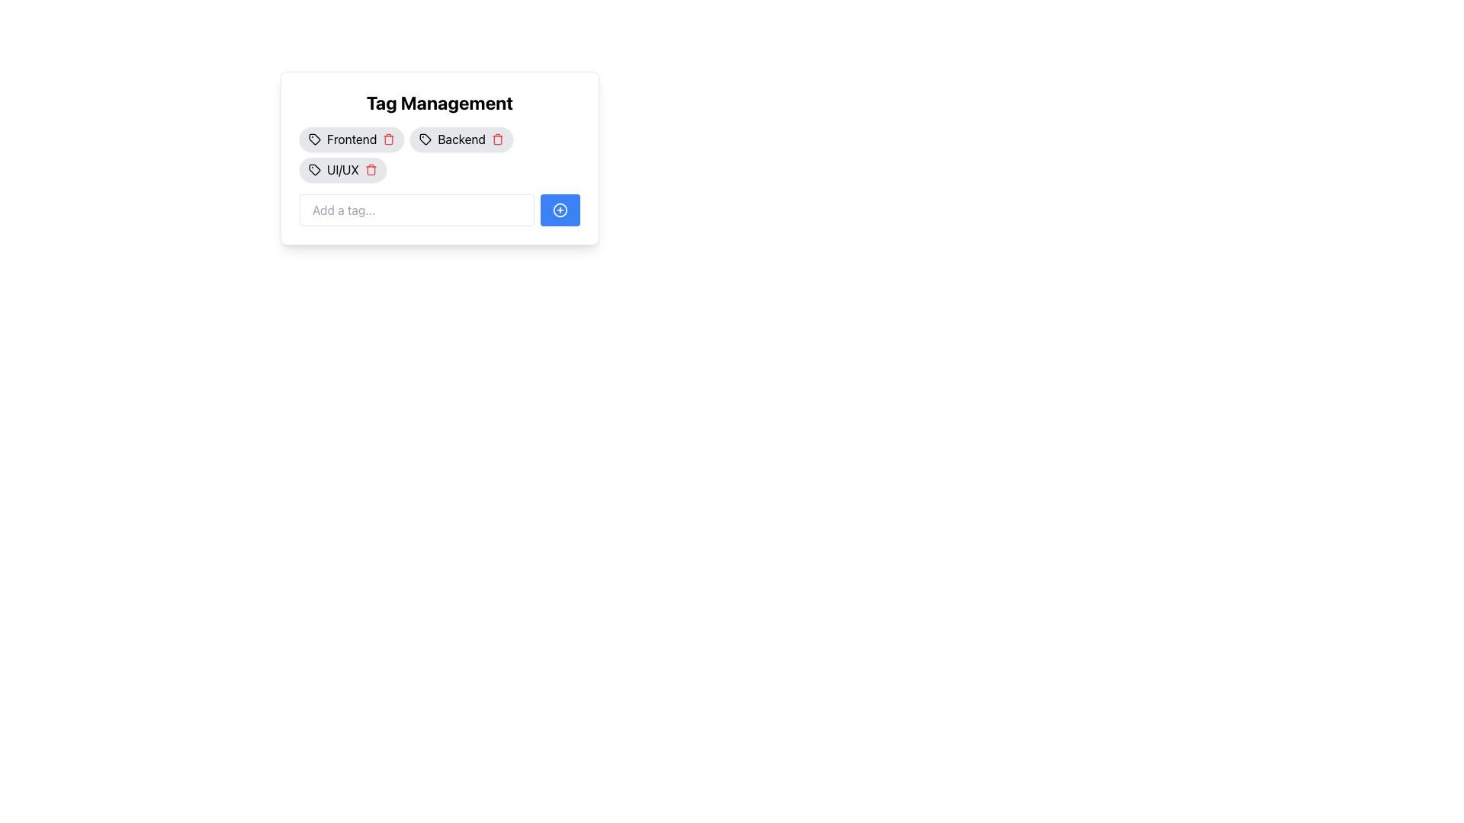  What do you see at coordinates (371, 170) in the screenshot?
I see `the clickable icon located on the rightmost side of the 'UI/UX' tag in the 'Tag Management' section` at bounding box center [371, 170].